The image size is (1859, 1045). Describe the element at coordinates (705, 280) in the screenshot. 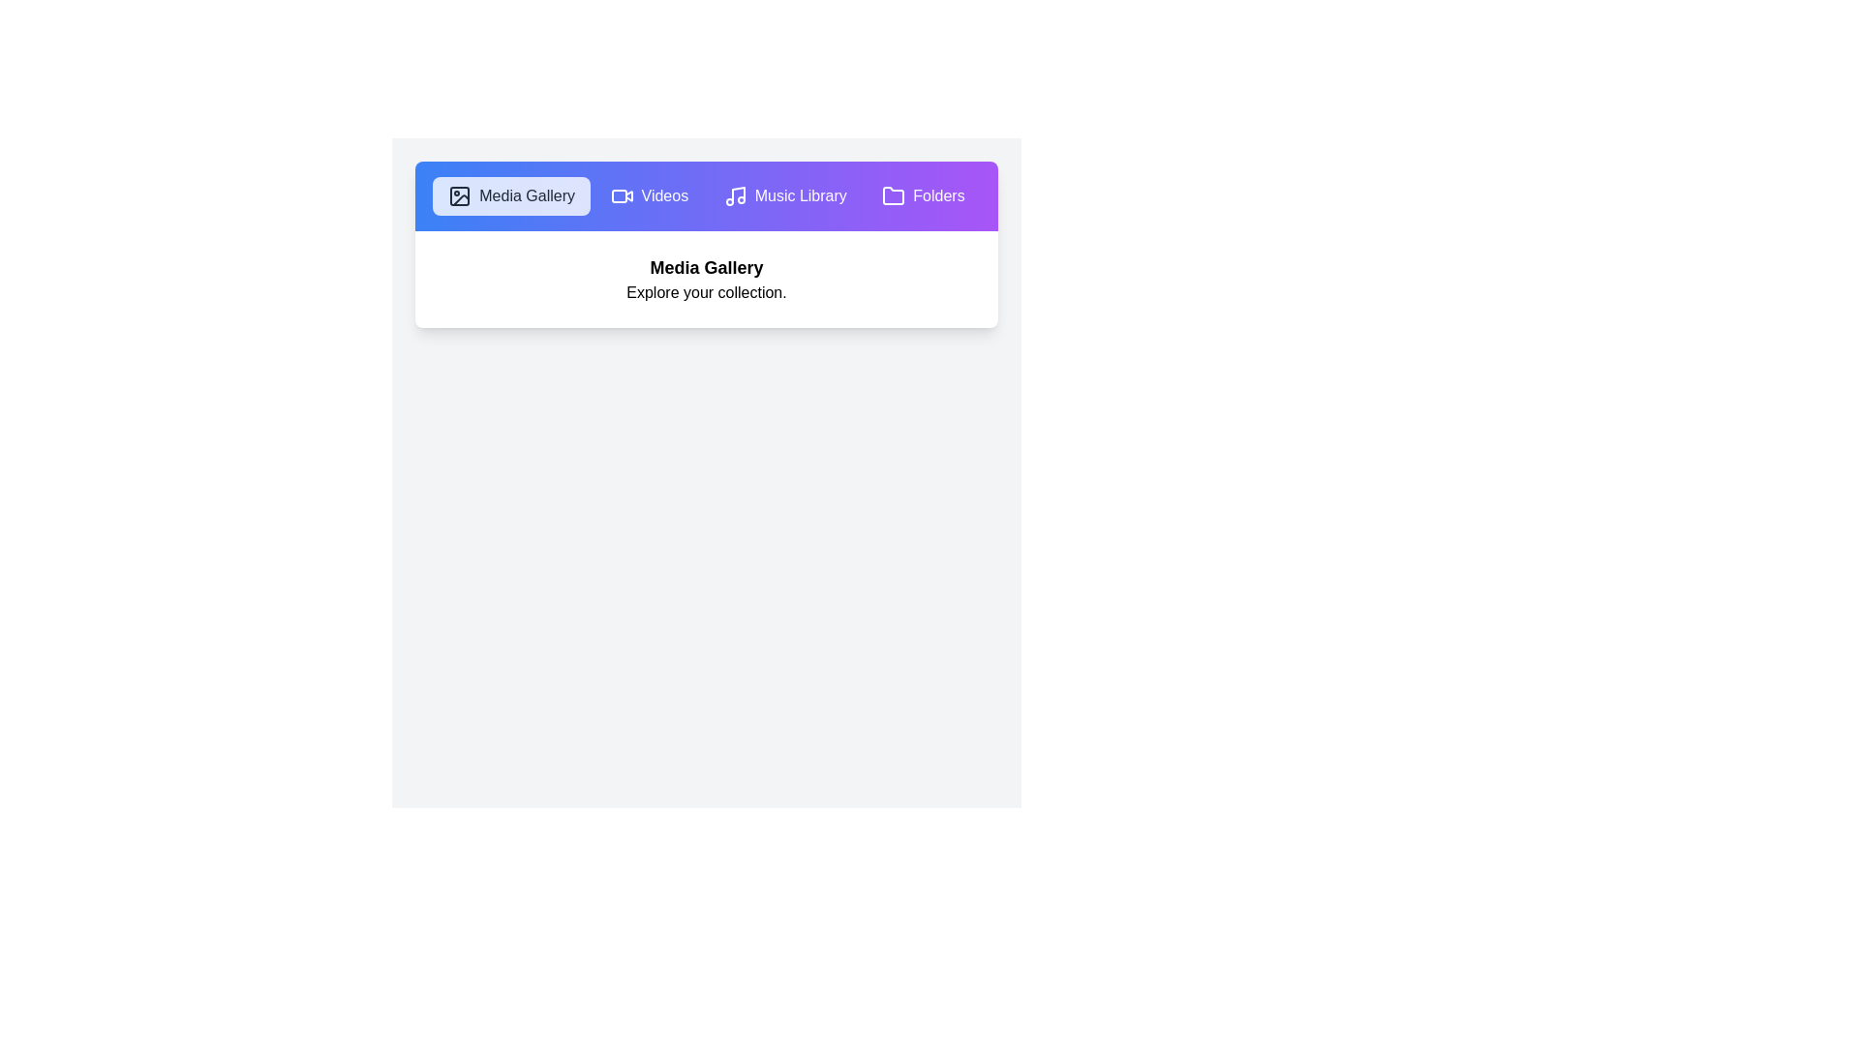

I see `the informational header located centrally beneath the navigation bar, which provides a title and description for the section` at that location.